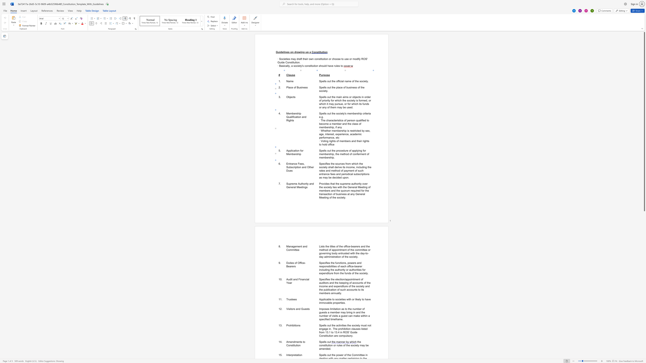  Describe the element at coordinates (289, 266) in the screenshot. I see `the space between the continuous character "e" and "a" in the text` at that location.